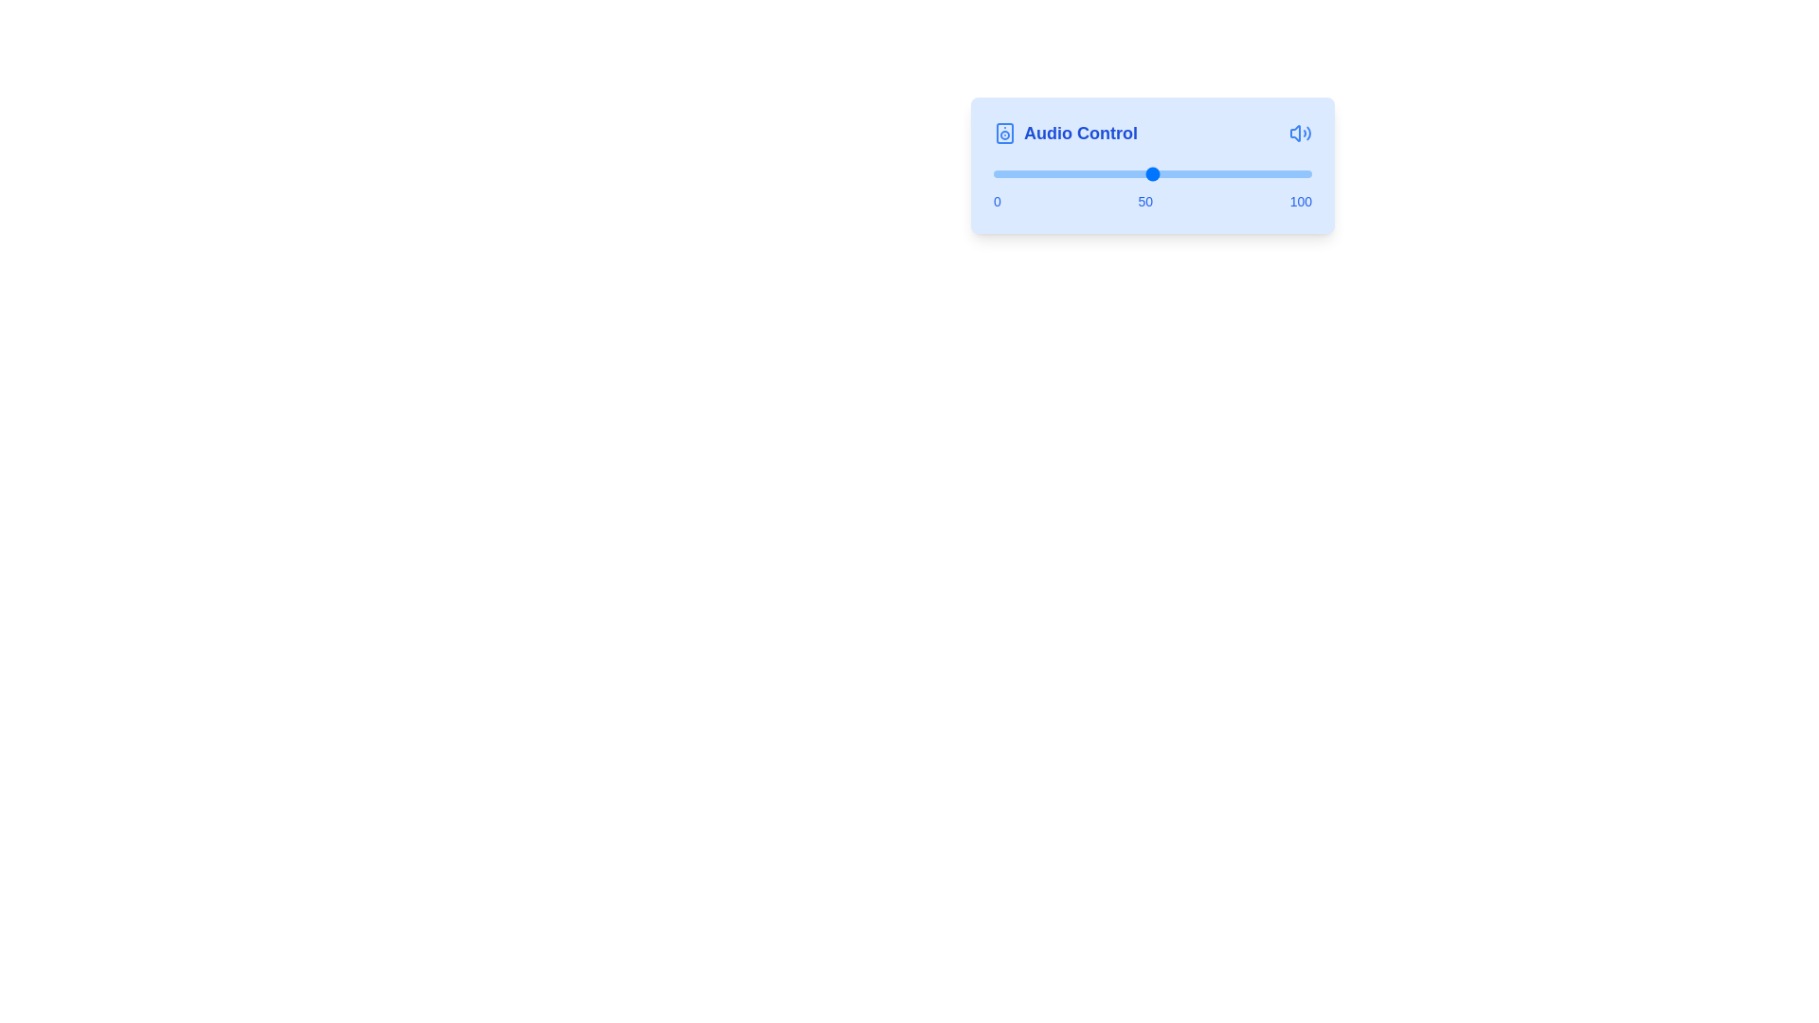  I want to click on the volume, so click(1070, 174).